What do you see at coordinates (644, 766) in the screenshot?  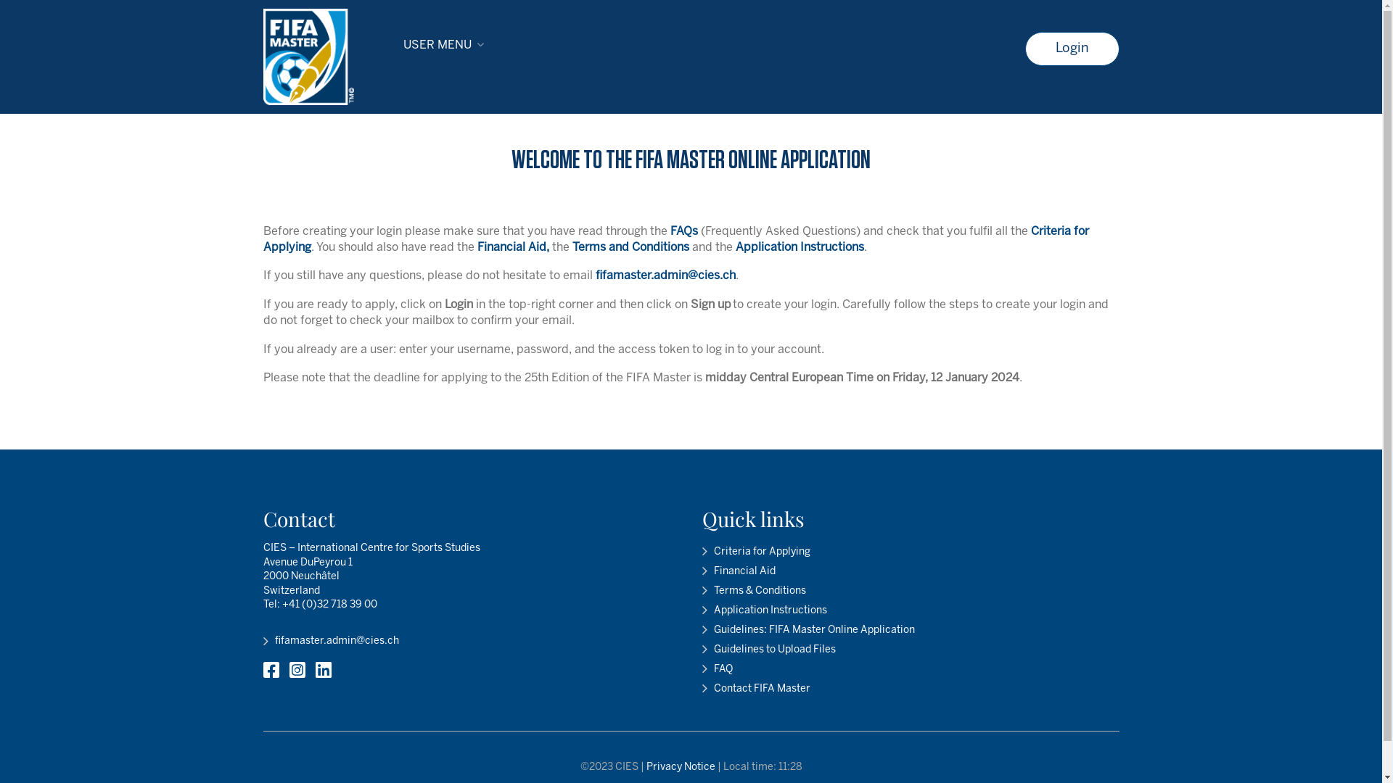 I see `'Privacy Notice'` at bounding box center [644, 766].